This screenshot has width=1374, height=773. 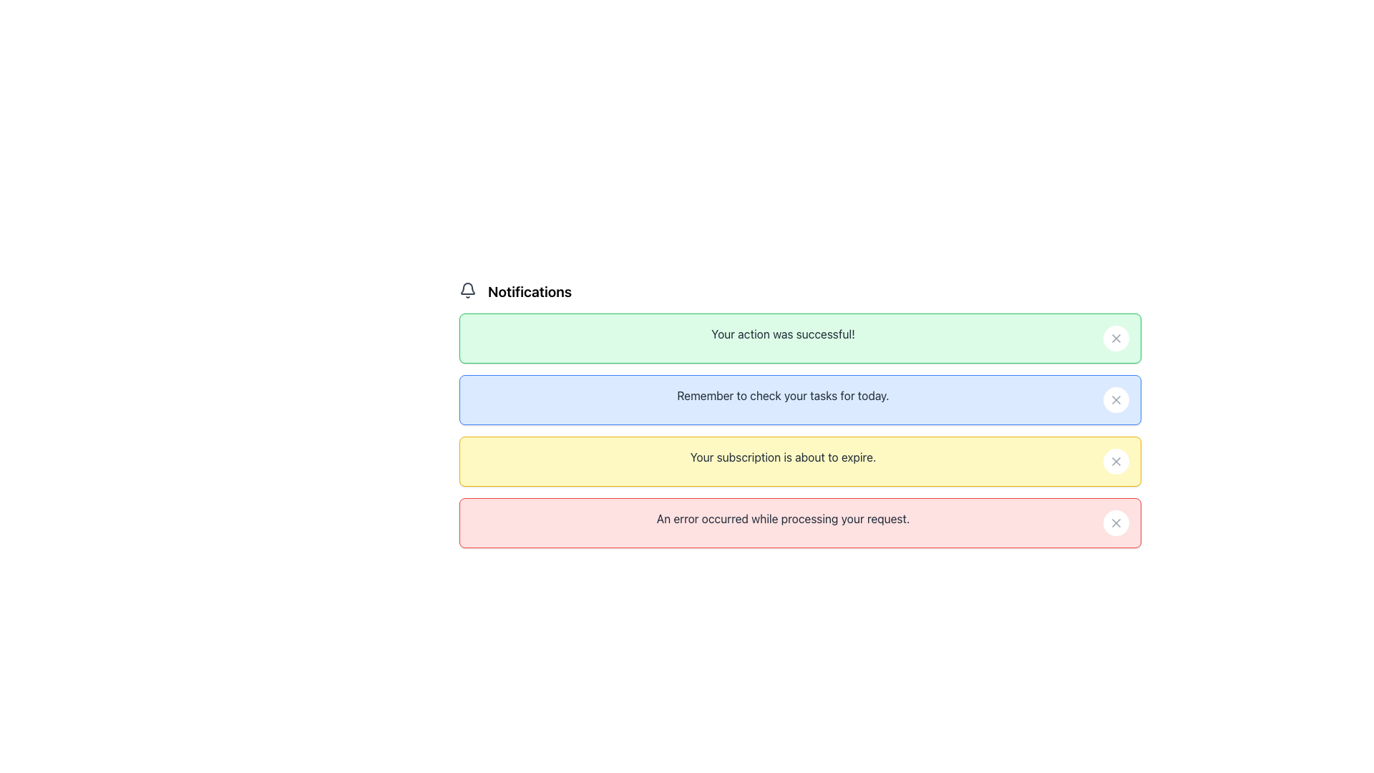 I want to click on the yellow-bordered notification box that contains the alert text 'Your subscription is about to expire.', so click(x=799, y=461).